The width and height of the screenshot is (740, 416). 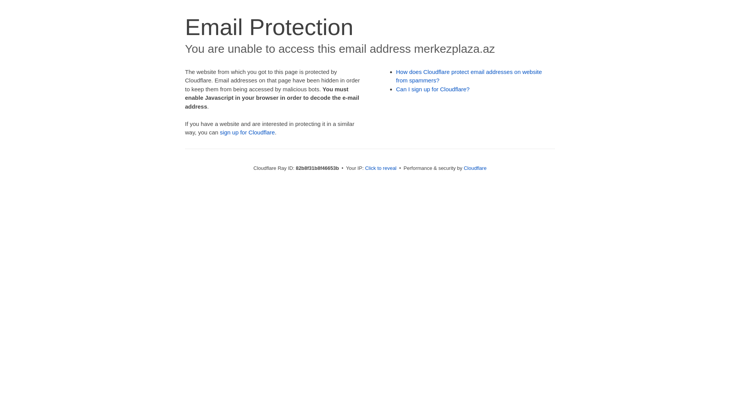 I want to click on 'Cloudflare', so click(x=474, y=168).